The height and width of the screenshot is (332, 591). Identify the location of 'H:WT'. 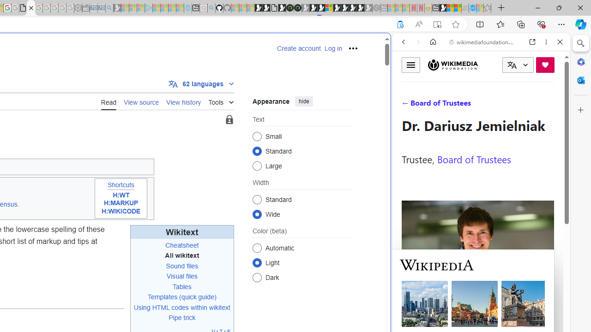
(121, 195).